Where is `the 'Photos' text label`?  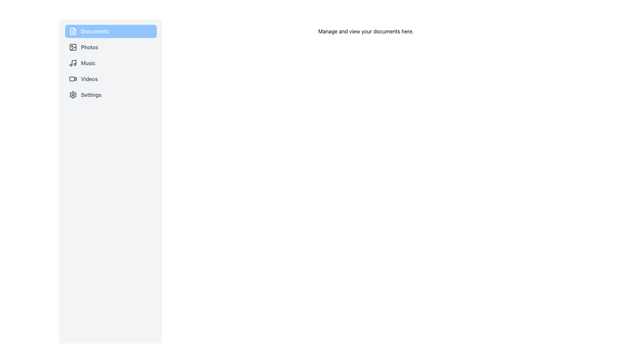
the 'Photos' text label is located at coordinates (89, 47).